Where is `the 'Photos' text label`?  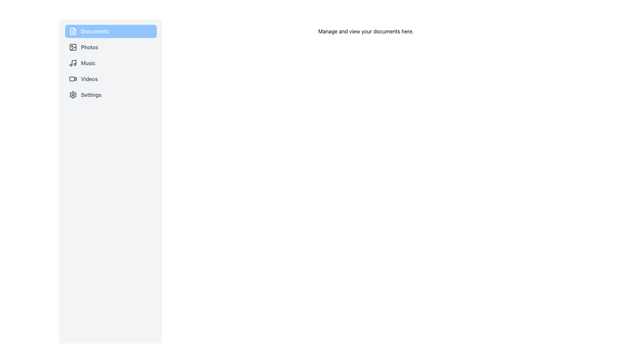
the 'Photos' text label is located at coordinates (89, 47).